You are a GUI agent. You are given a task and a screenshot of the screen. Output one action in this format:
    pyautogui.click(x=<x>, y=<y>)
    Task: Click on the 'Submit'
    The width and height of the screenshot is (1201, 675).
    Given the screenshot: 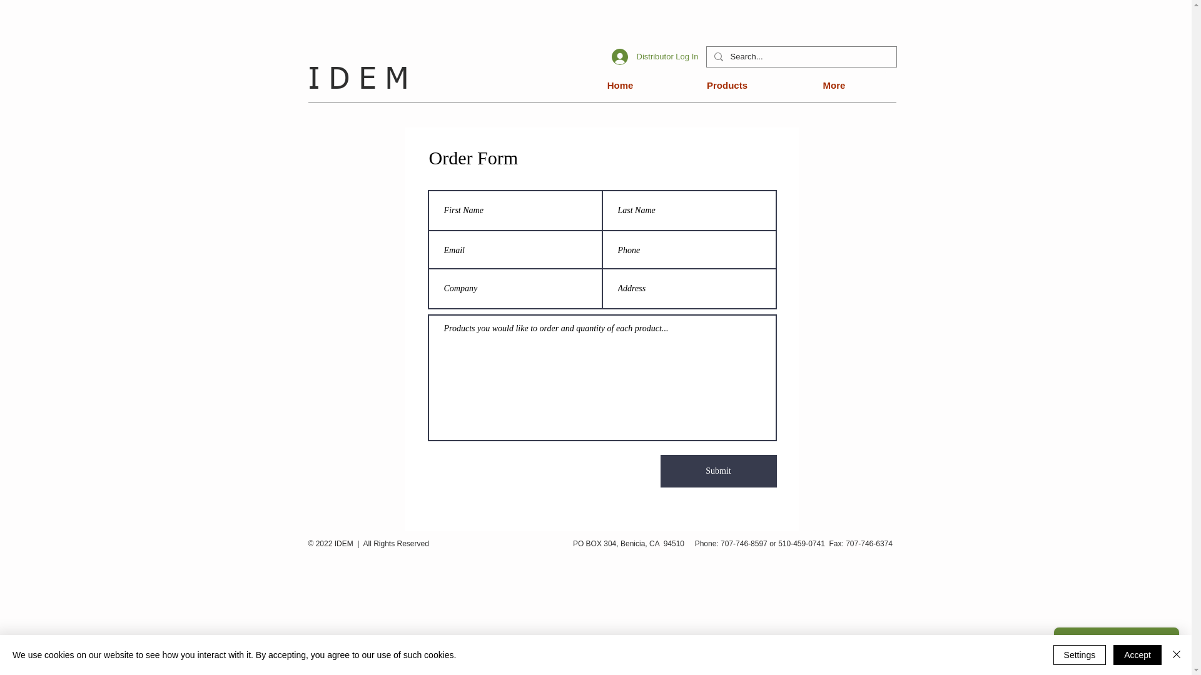 What is the action you would take?
    pyautogui.click(x=718, y=471)
    